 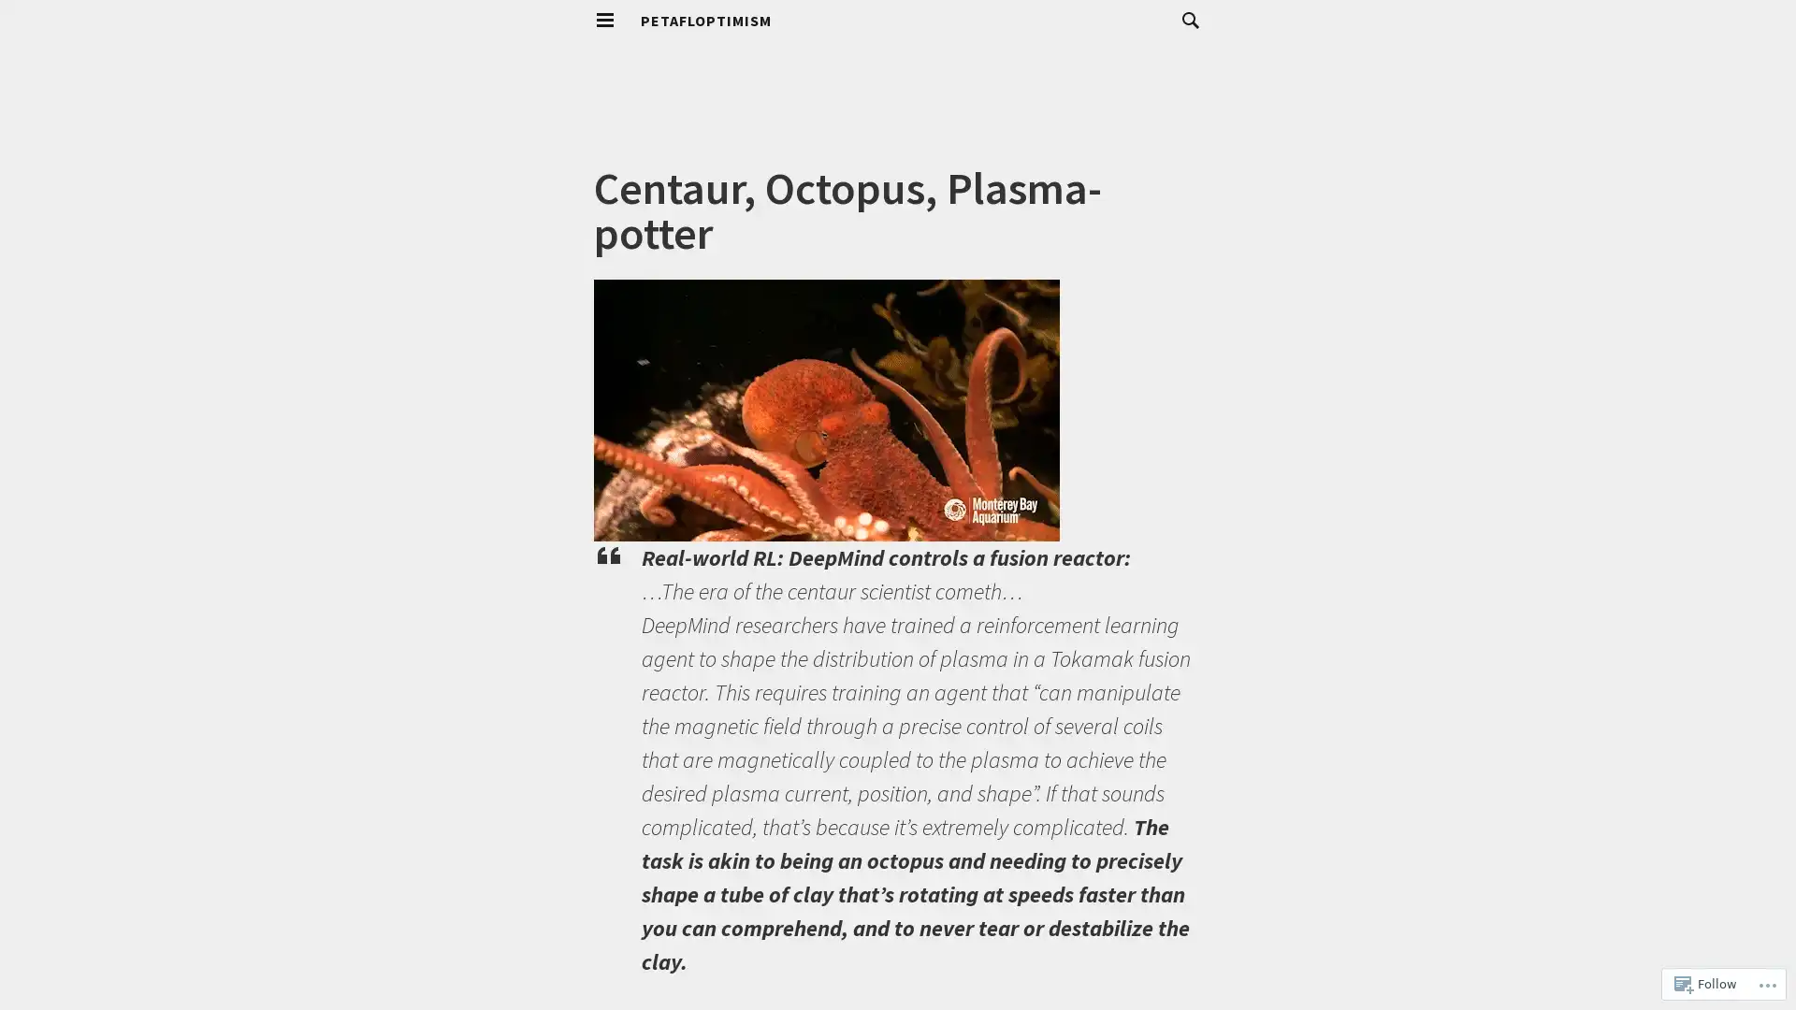 I want to click on PRIMARY MENU, so click(x=605, y=21).